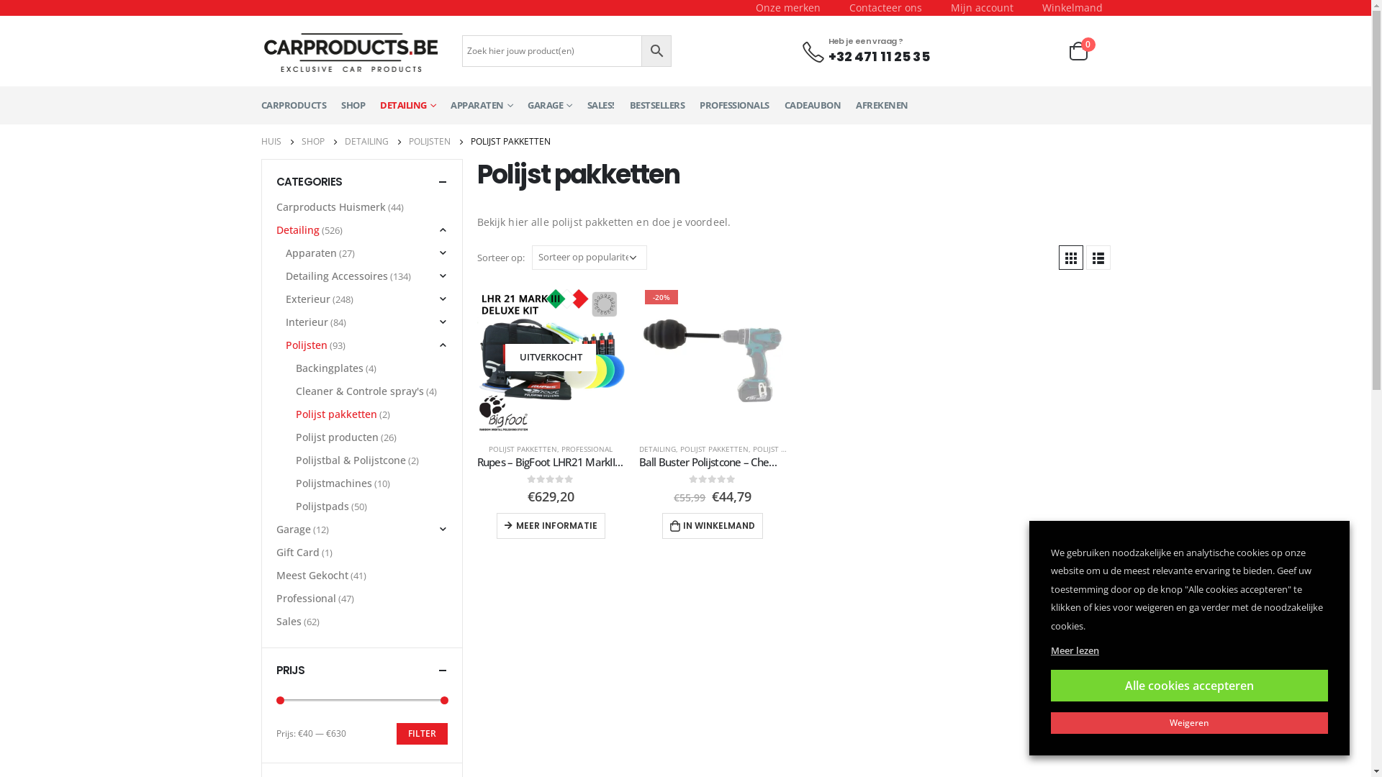 The image size is (1382, 777). What do you see at coordinates (936, 8) in the screenshot?
I see `'Mijn account'` at bounding box center [936, 8].